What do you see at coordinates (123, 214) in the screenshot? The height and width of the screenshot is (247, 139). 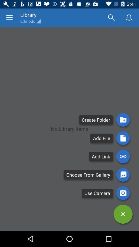 I see `cancel the page` at bounding box center [123, 214].